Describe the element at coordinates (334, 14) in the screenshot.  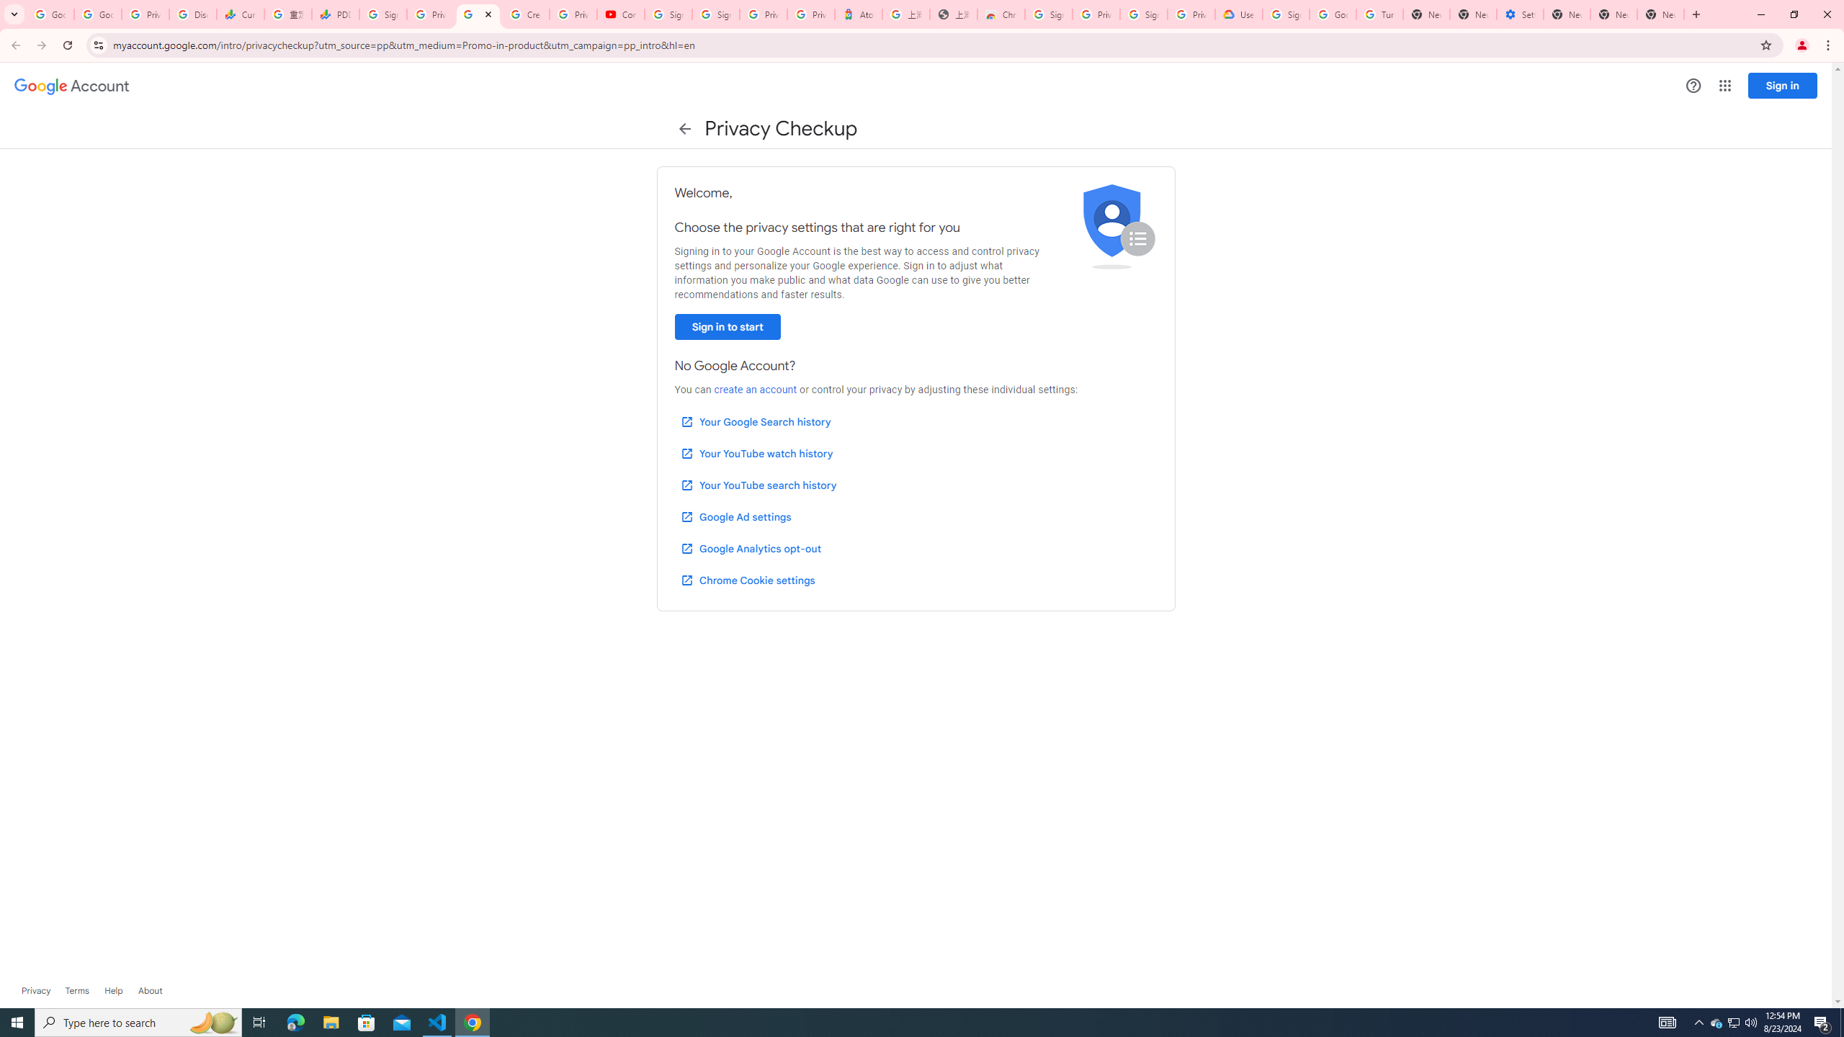
I see `'PDD Holdings Inc - ADR (PDD) Price & News - Google Finance'` at that location.